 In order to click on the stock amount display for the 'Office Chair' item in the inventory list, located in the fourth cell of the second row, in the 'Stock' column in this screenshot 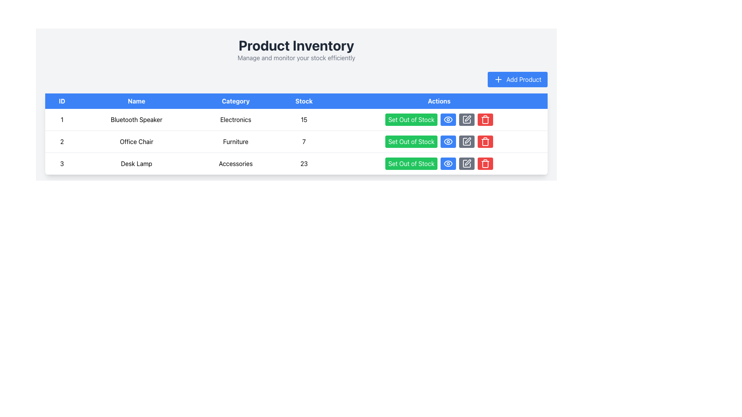, I will do `click(303, 141)`.